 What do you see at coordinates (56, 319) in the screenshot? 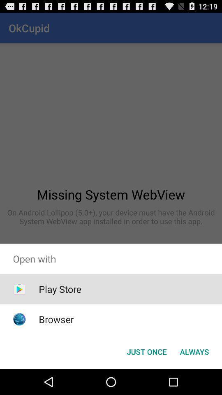
I see `item below the play store icon` at bounding box center [56, 319].